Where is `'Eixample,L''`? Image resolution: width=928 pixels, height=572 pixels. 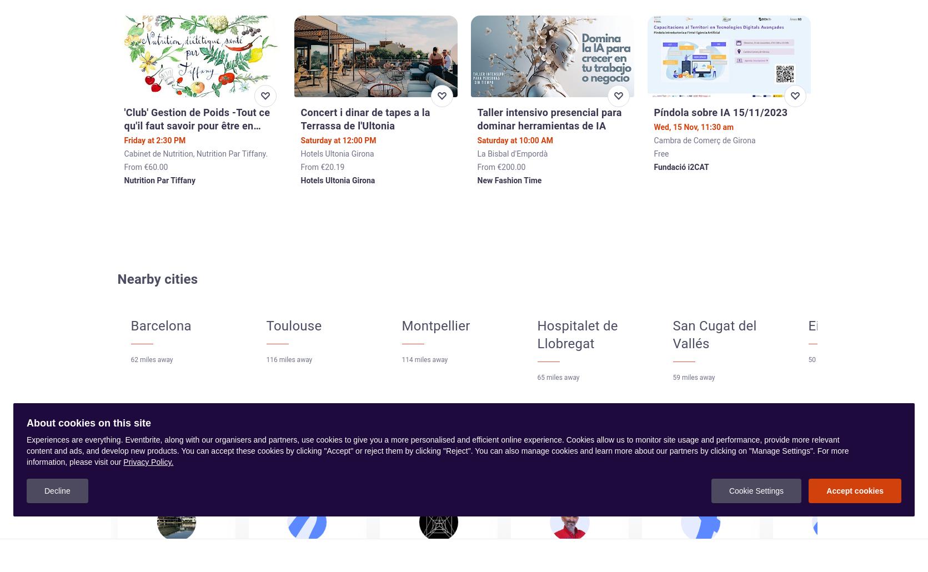
'Eixample,L'' is located at coordinates (840, 325).